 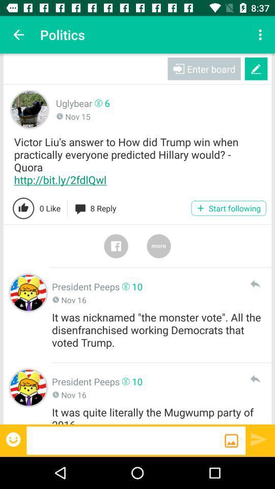 What do you see at coordinates (231, 440) in the screenshot?
I see `allows the user to upload a file` at bounding box center [231, 440].